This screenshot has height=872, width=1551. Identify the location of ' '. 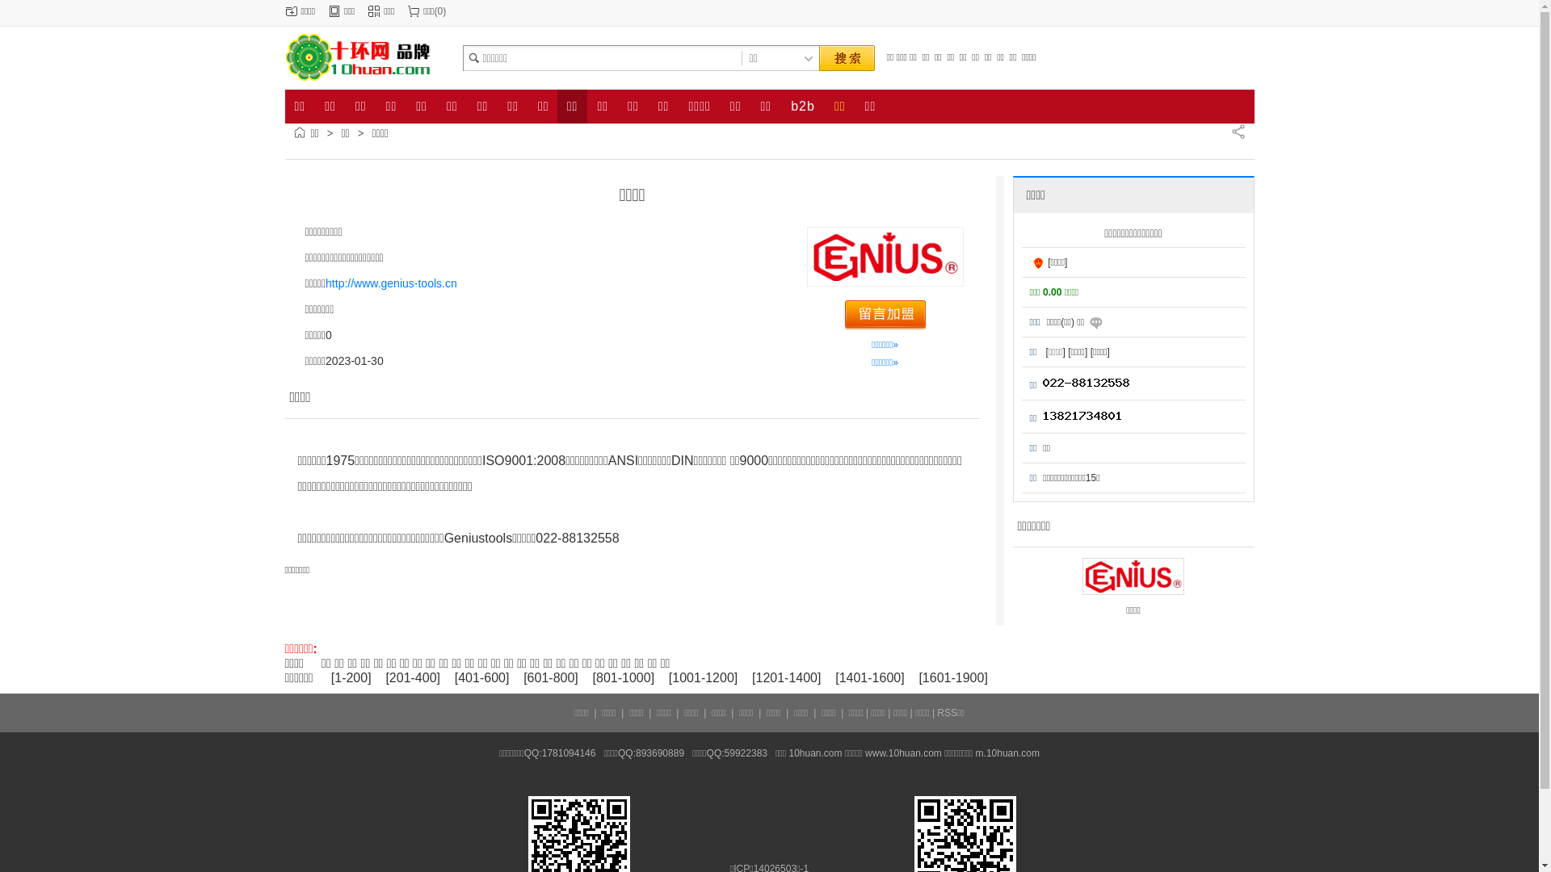
(844, 57).